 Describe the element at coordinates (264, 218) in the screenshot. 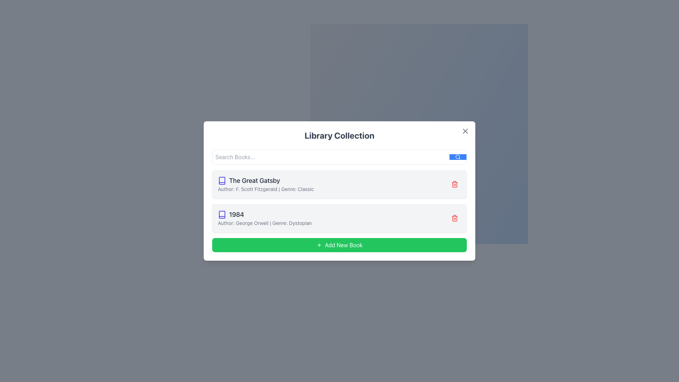

I see `the book icon of the list item titled '1984', which includes a bold title and author details, located between 'The Great Gatsby' and the '+ Add New Book' button` at that location.